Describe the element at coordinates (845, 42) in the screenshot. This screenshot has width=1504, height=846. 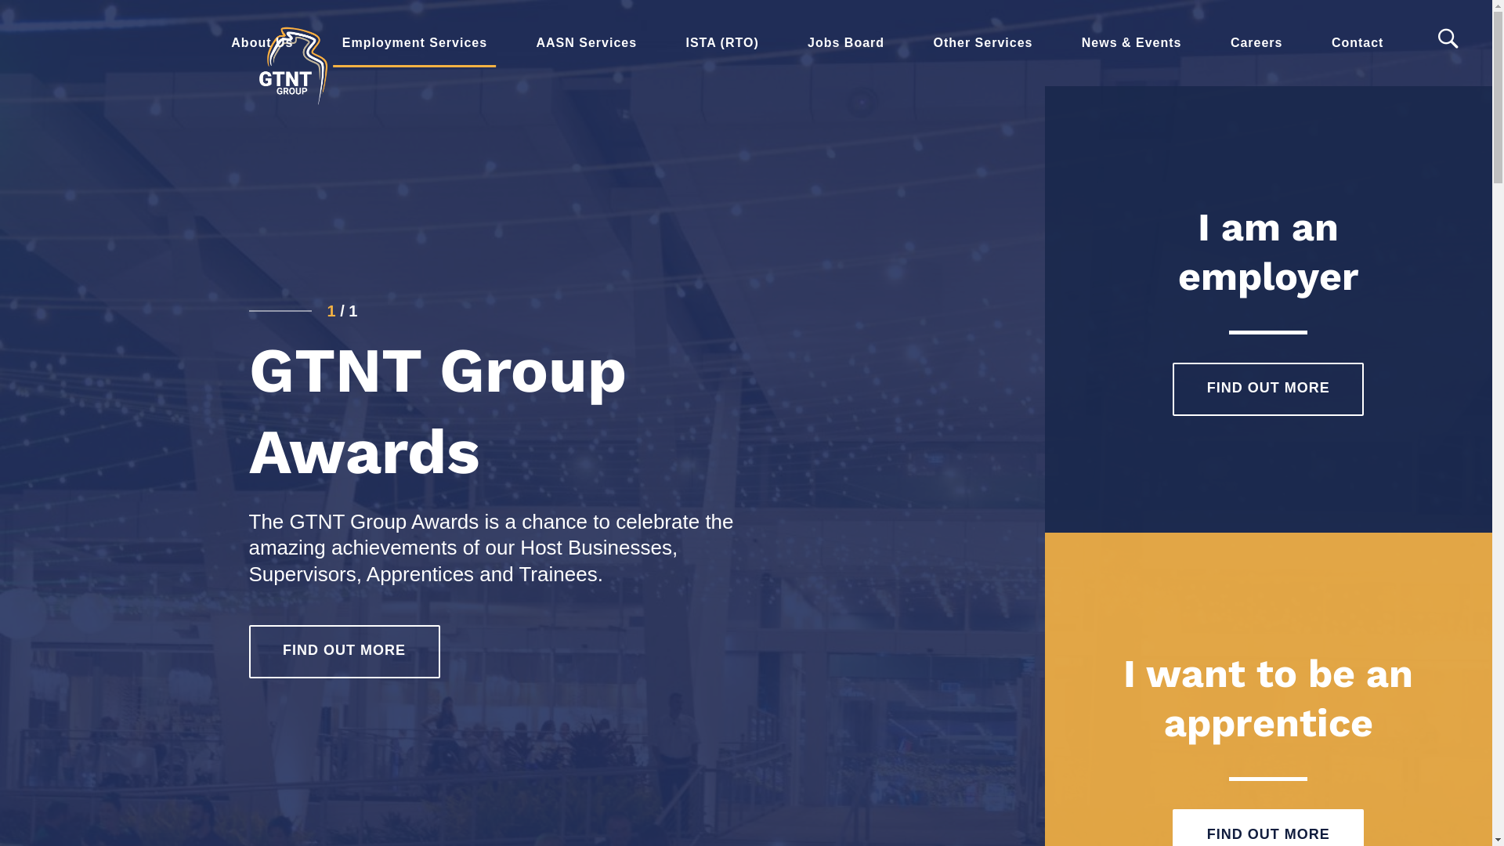
I see `'Jobs Board'` at that location.